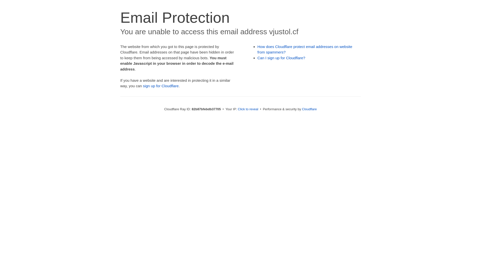  What do you see at coordinates (301, 109) in the screenshot?
I see `'Cloudflare'` at bounding box center [301, 109].